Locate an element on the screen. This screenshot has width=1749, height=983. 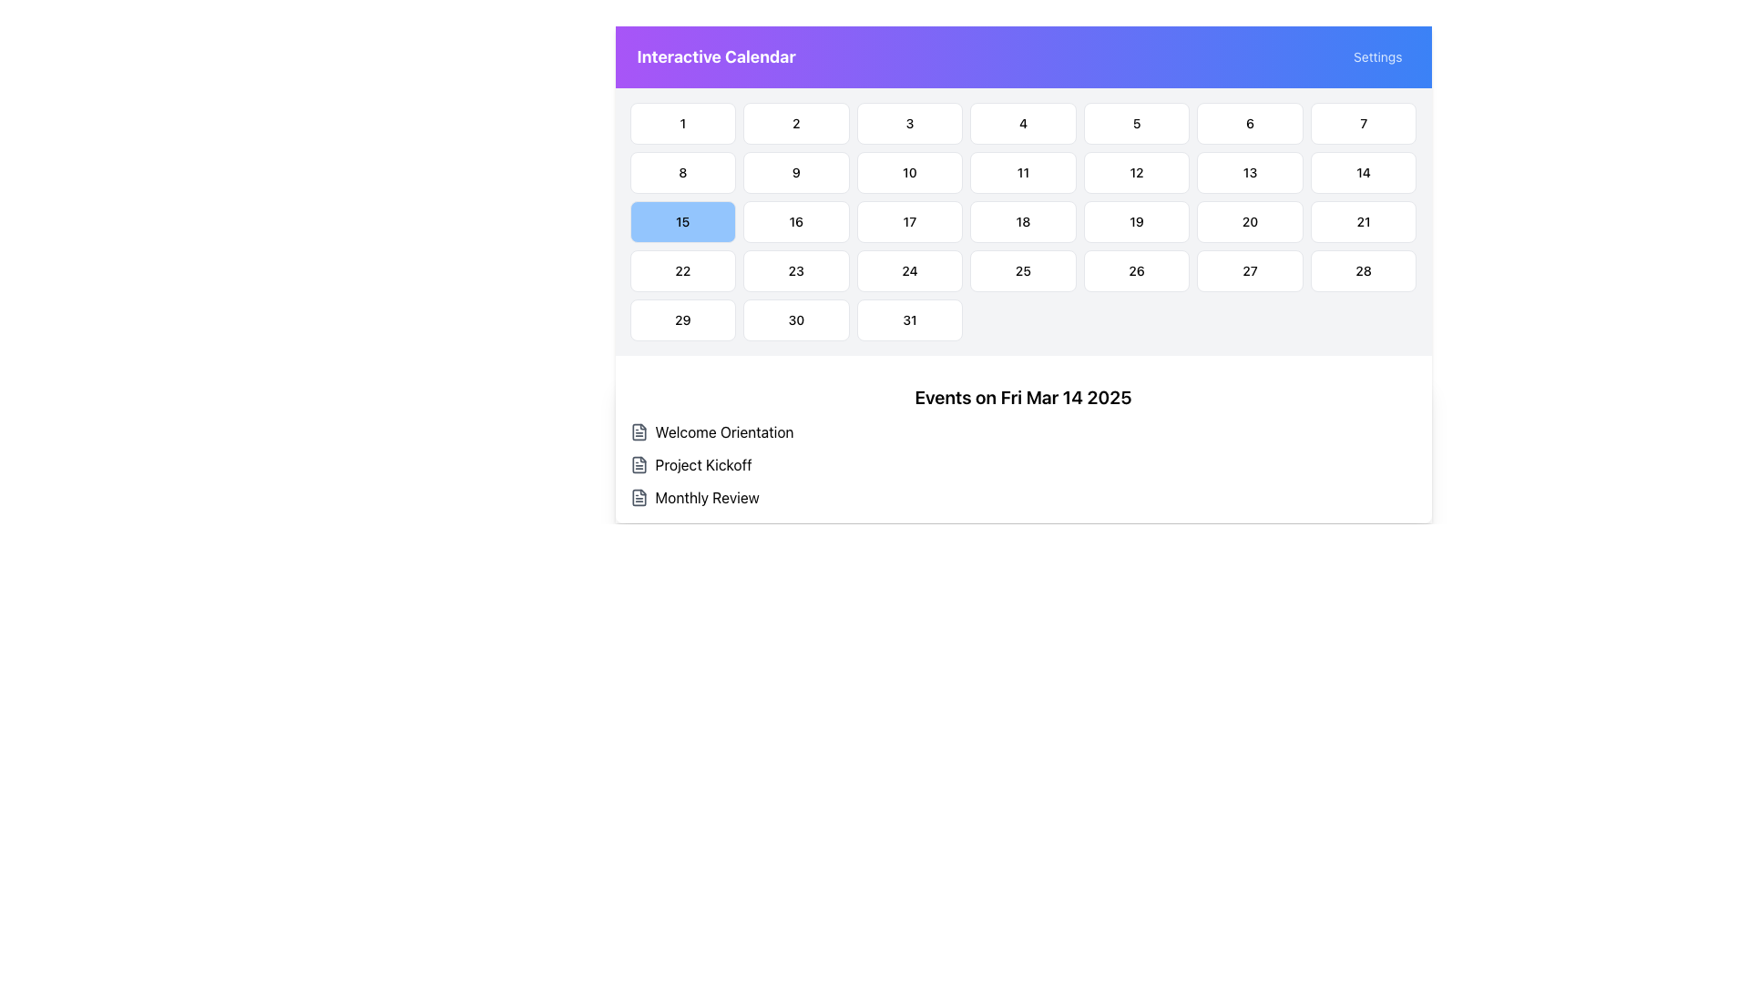
the file icon located adjacent to the 'Welcome Orientation' text is located at coordinates (639, 431).